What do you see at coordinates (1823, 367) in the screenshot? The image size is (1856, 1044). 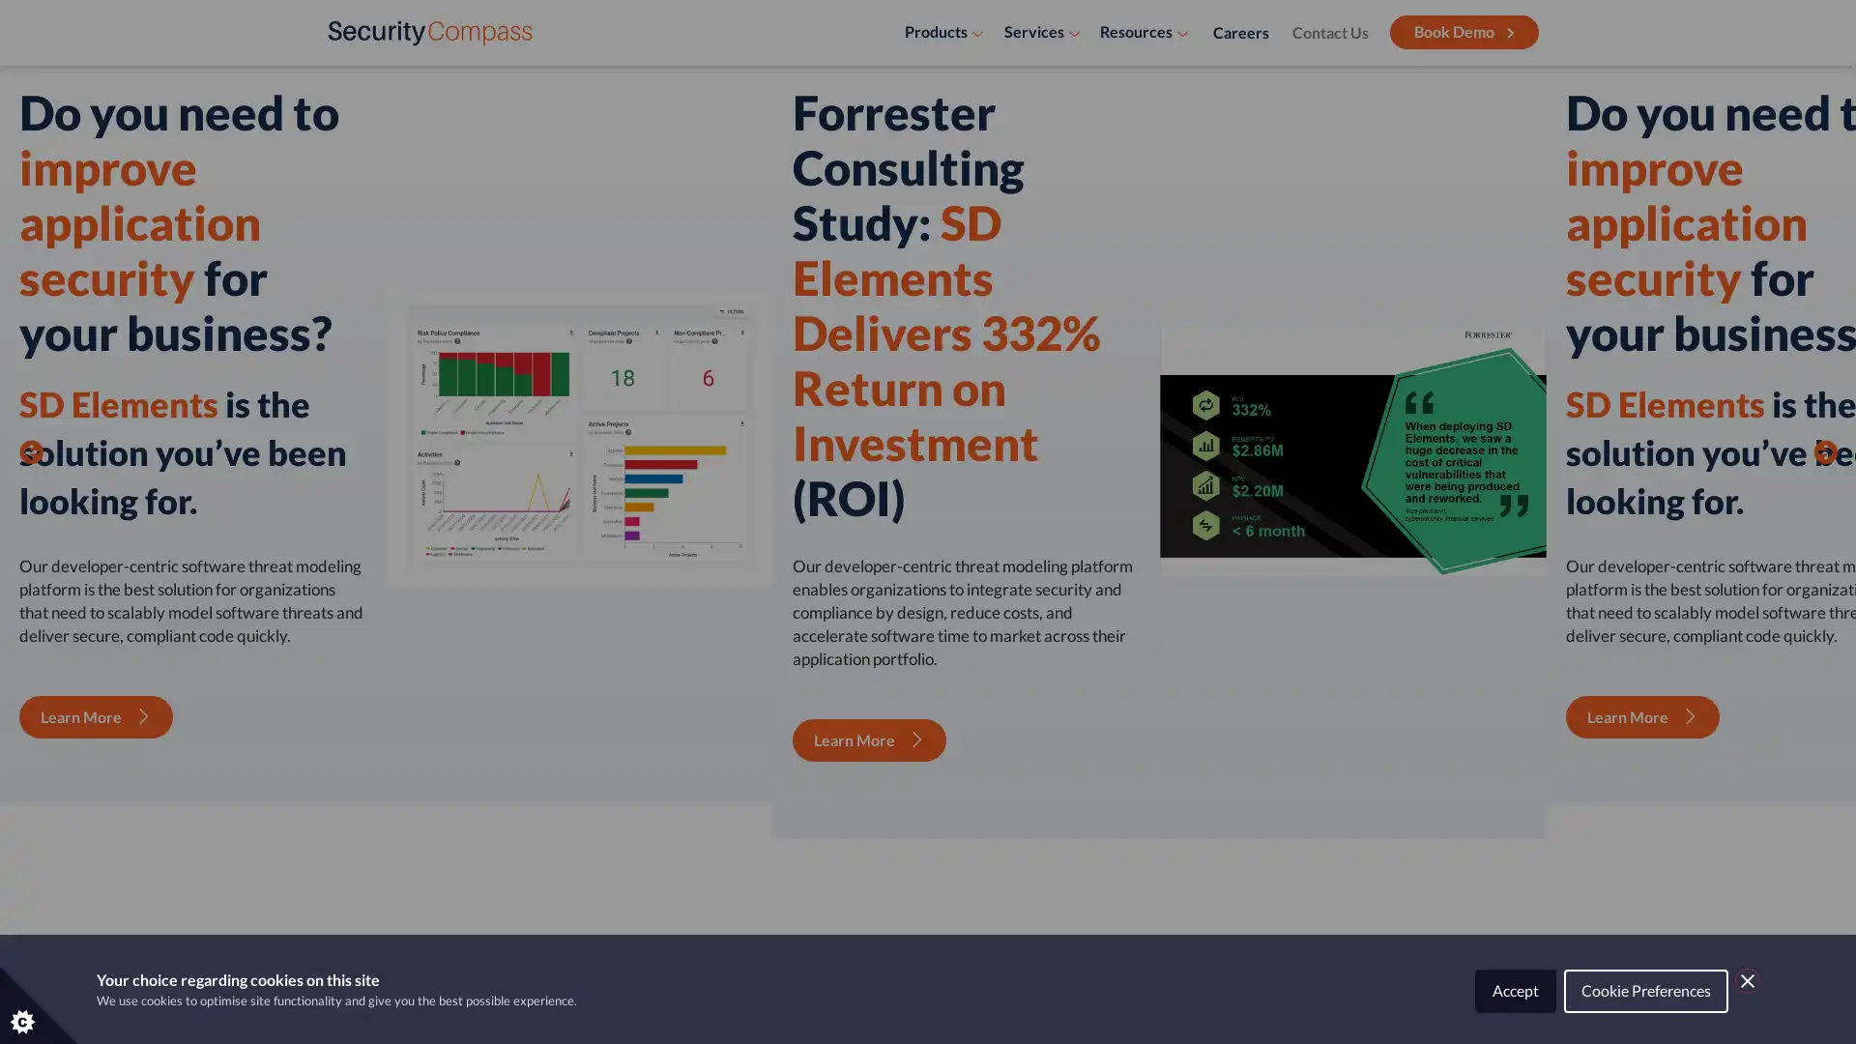 I see `Next` at bounding box center [1823, 367].